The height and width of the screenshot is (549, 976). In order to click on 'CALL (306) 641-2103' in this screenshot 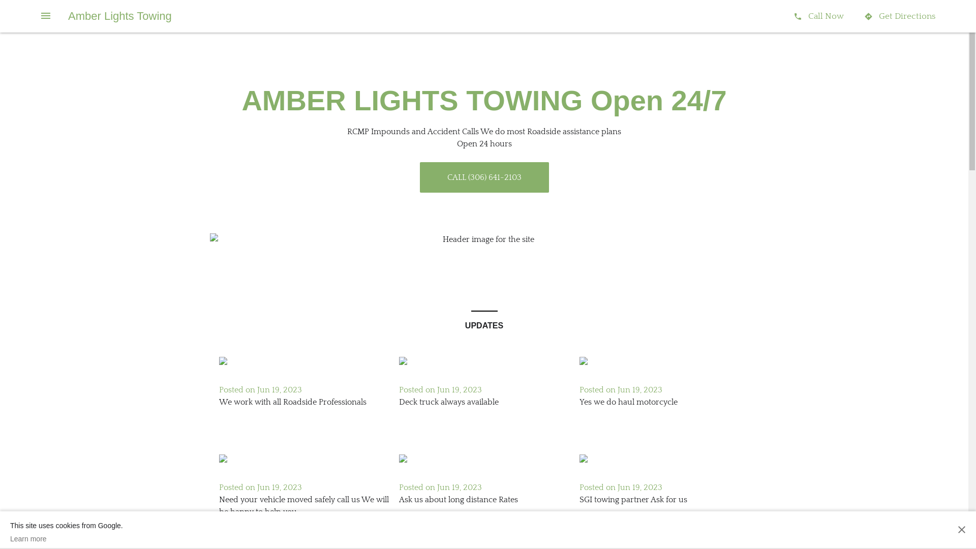, I will do `click(484, 176)`.